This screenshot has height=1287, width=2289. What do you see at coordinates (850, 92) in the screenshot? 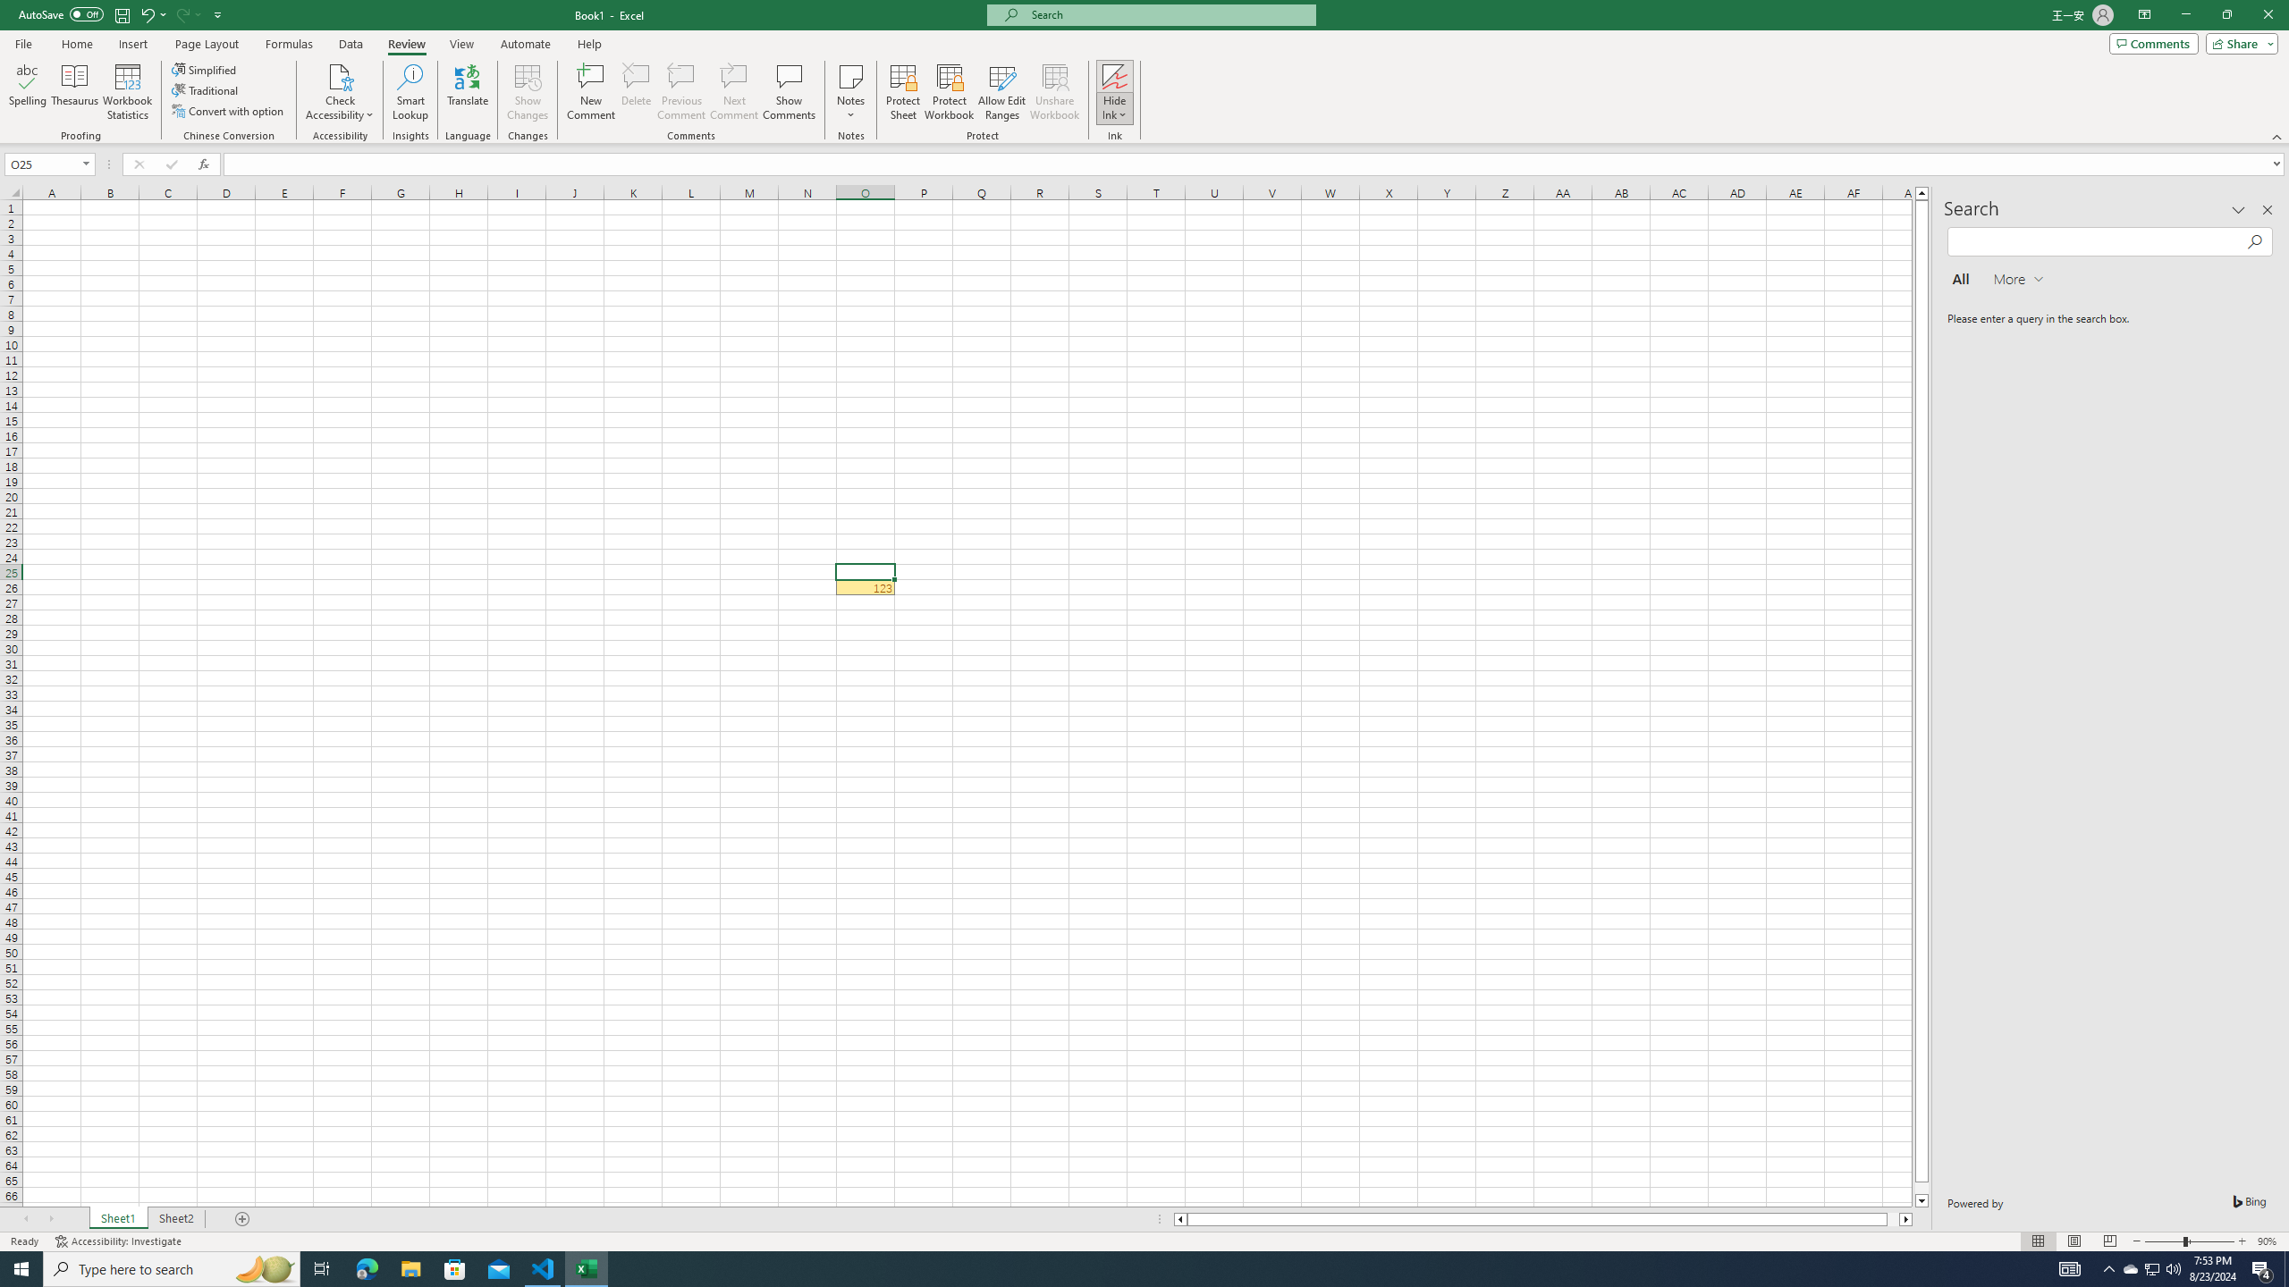
I see `'Notes'` at bounding box center [850, 92].